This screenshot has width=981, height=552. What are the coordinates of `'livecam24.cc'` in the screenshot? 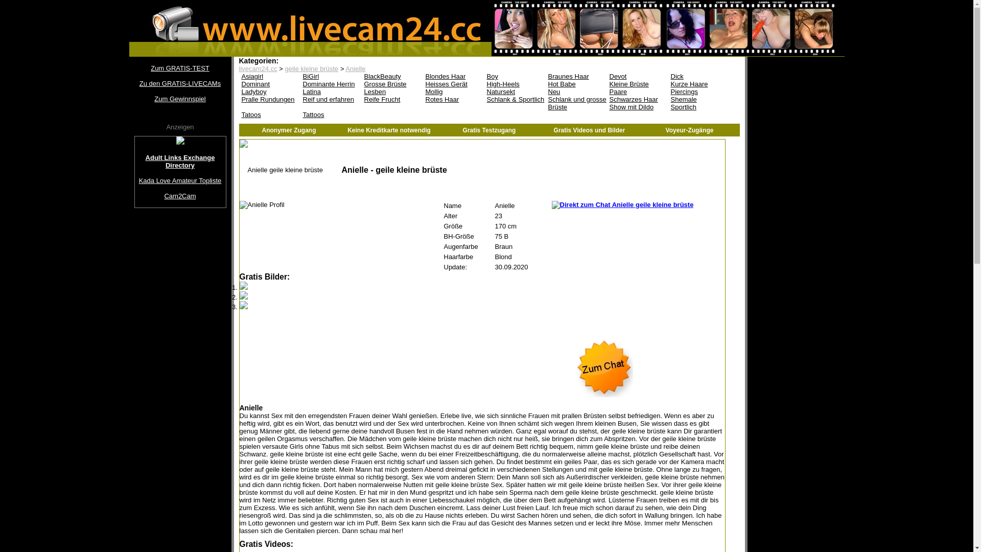 It's located at (258, 68).